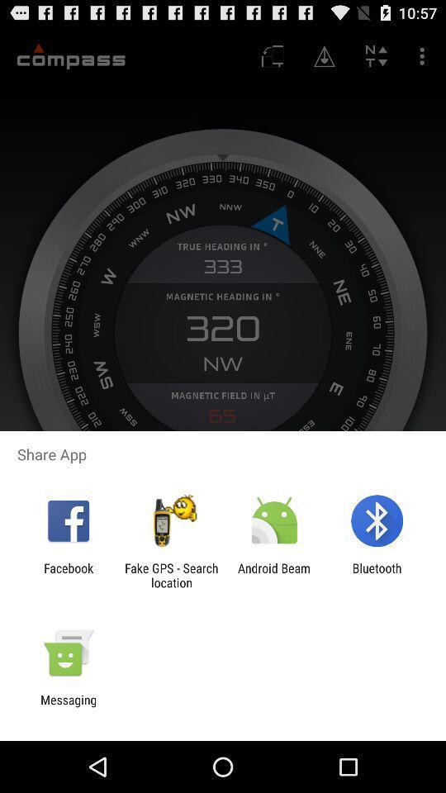 The height and width of the screenshot is (793, 446). Describe the element at coordinates (68, 575) in the screenshot. I see `icon next to the fake gps search item` at that location.